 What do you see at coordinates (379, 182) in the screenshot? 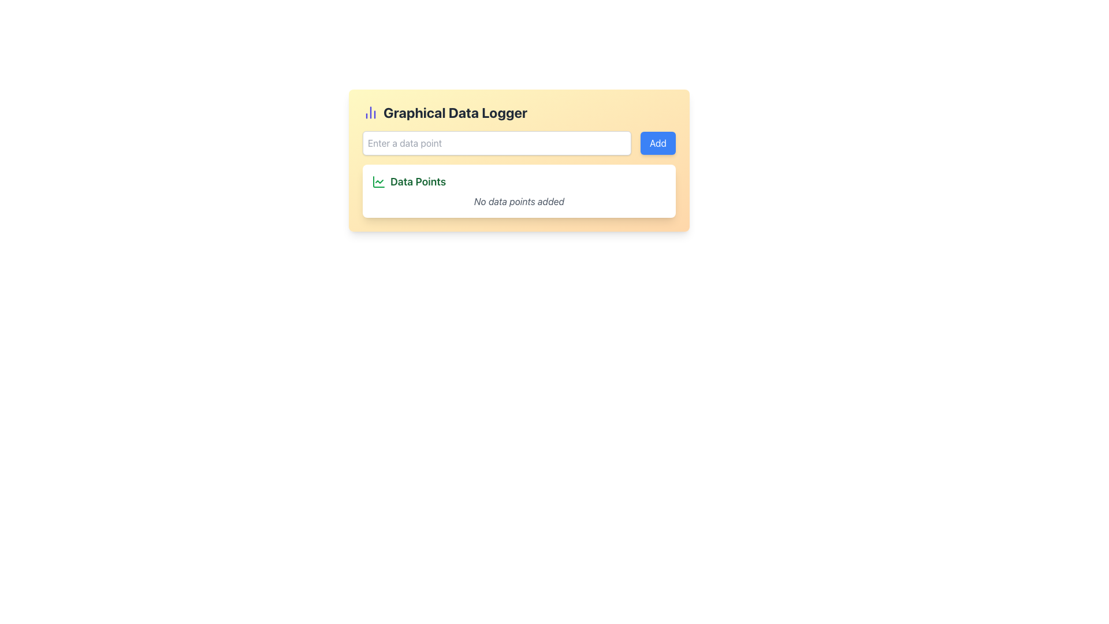
I see `the Graphic Icon located in the 'Data Points' section, positioned to the left of the text 'Data Points'` at bounding box center [379, 182].